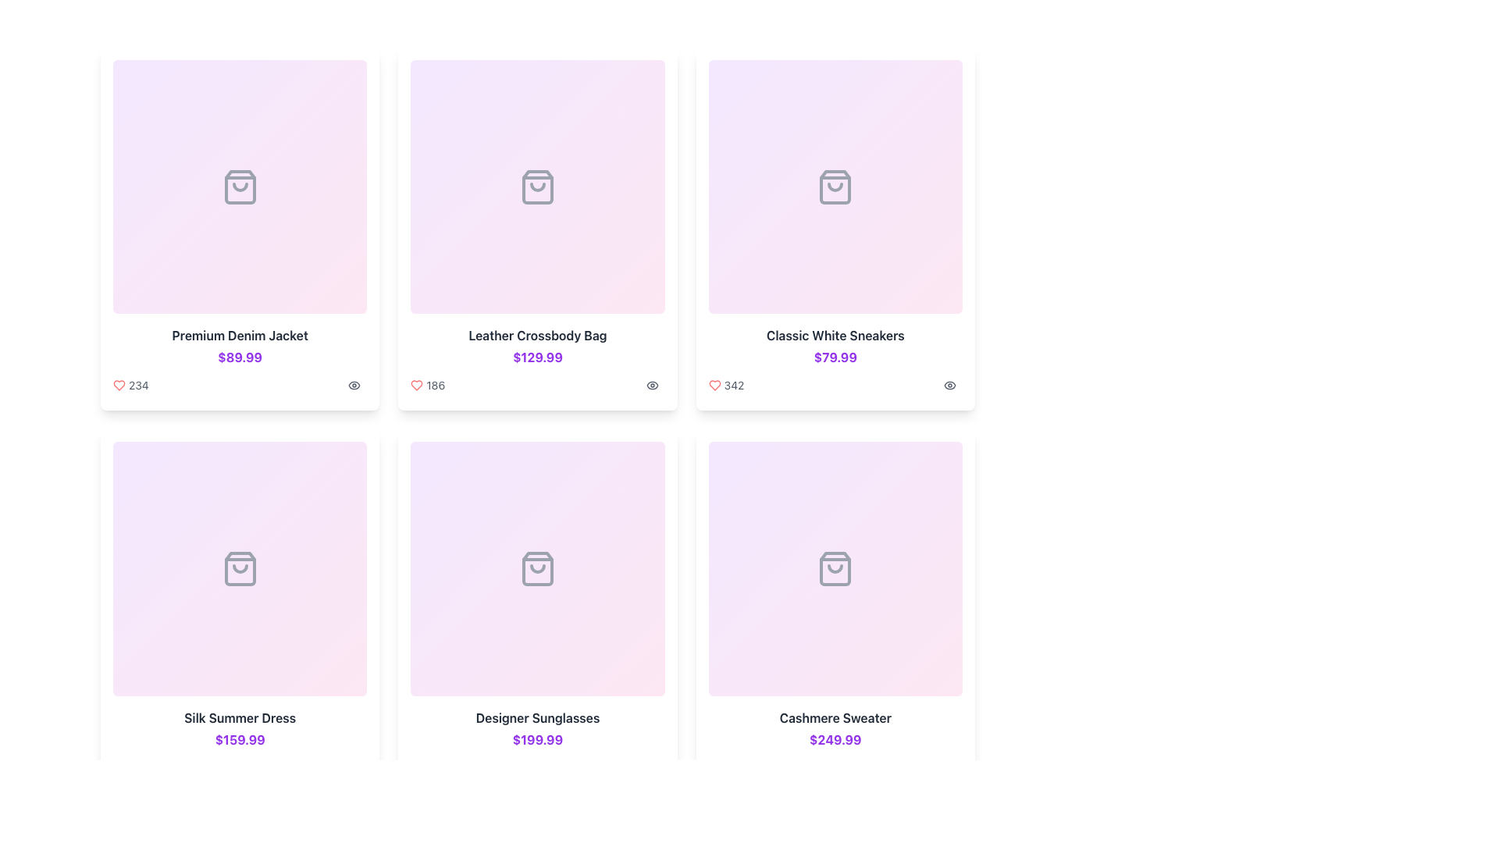  I want to click on the heart-shaped icon representing the 'like' functionality for the 'Classic White Sneakers' product, so click(714, 386).